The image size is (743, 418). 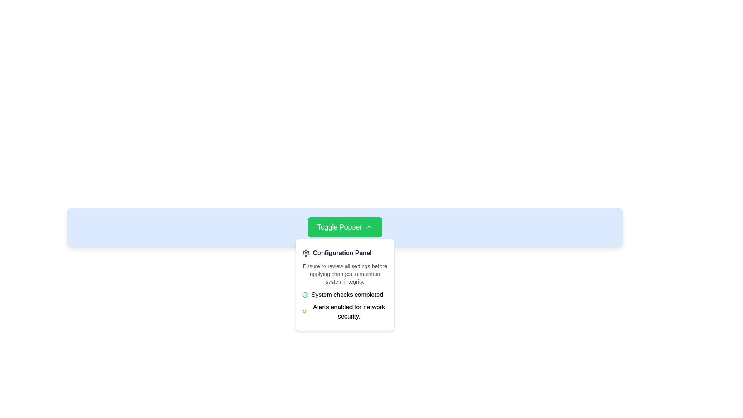 What do you see at coordinates (305, 295) in the screenshot?
I see `the circular green icon with a check mark located at the start of the text 'System checks completed' in the popup` at bounding box center [305, 295].